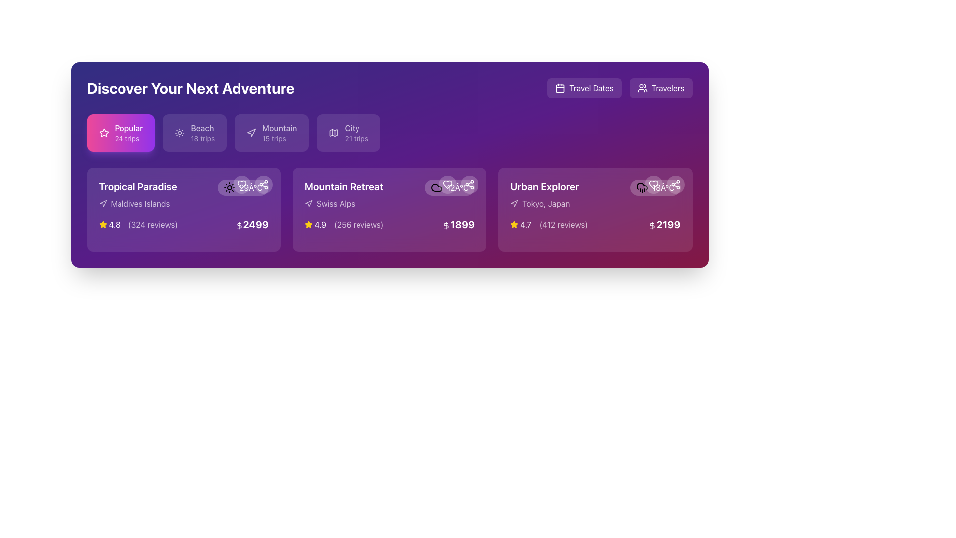  Describe the element at coordinates (308, 225) in the screenshot. I see `the star icon adjacent to the numeric rating '4.9' in the rating display section for the 'Mountain Retreat' card` at that location.